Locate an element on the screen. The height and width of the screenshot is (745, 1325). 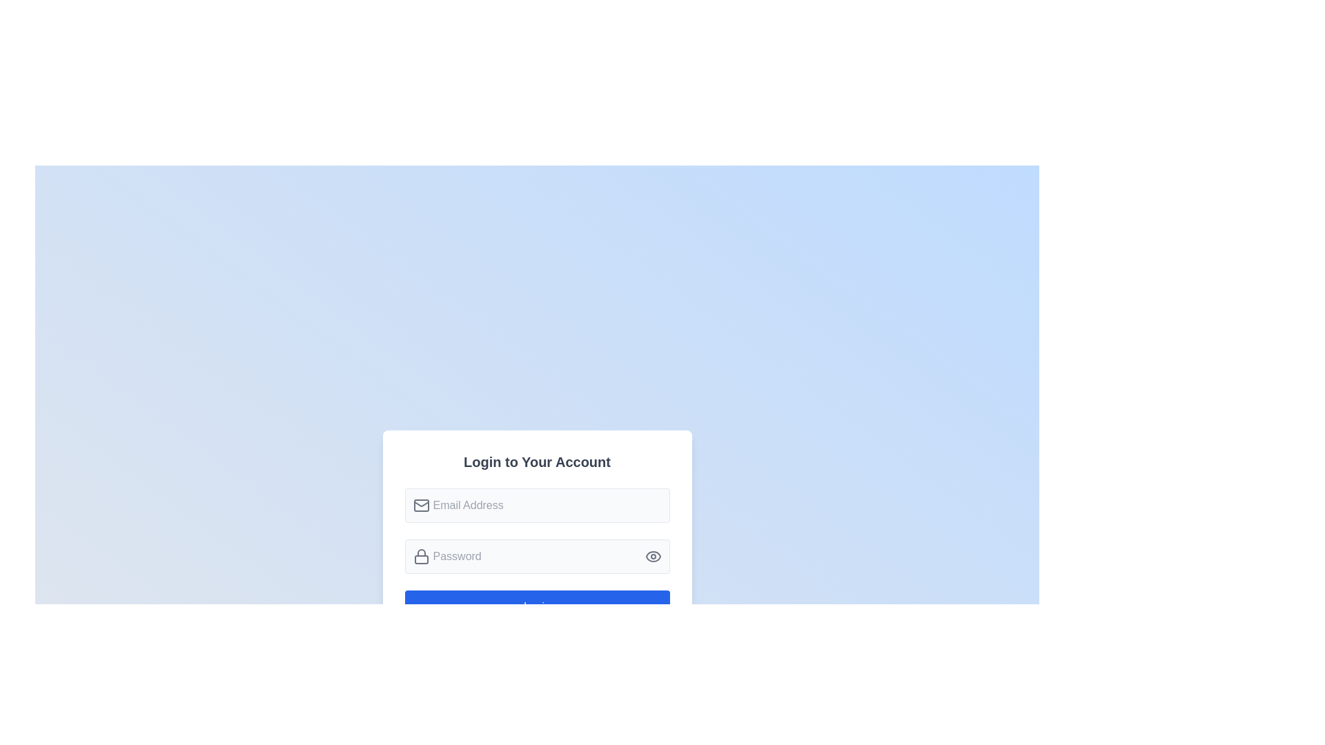
the submission button for logging in using keyboard navigation is located at coordinates (536, 606).